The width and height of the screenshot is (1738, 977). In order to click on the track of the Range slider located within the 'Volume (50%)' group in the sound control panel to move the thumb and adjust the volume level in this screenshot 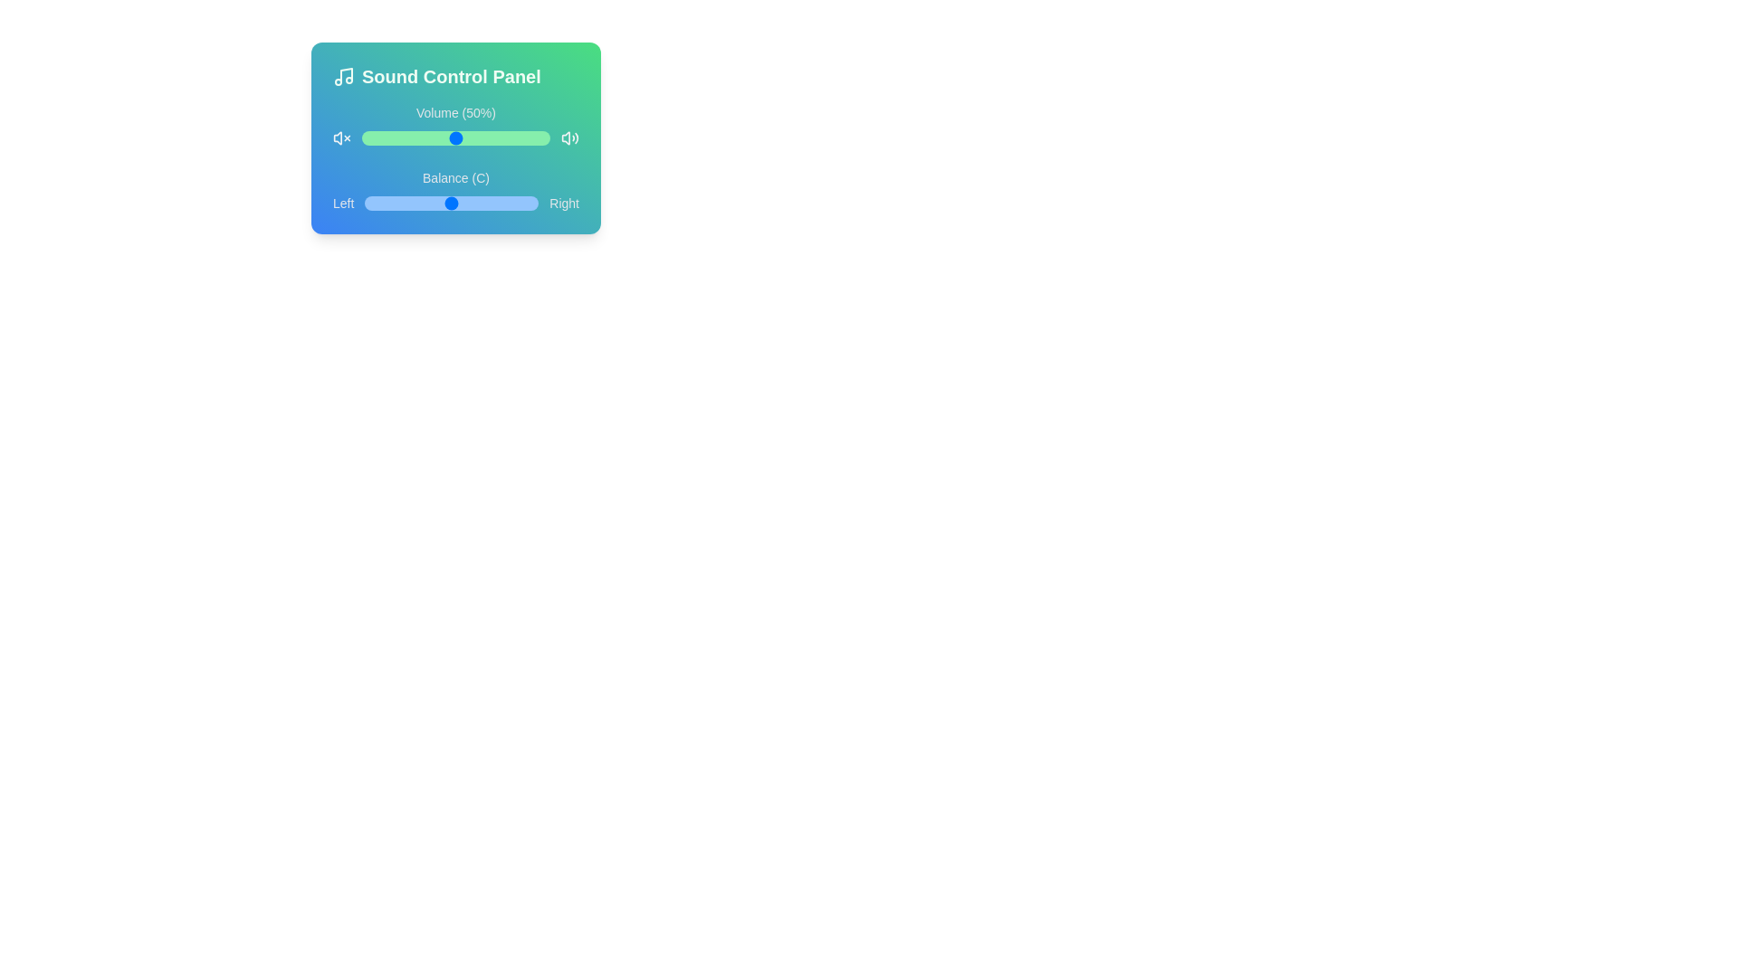, I will do `click(456, 138)`.